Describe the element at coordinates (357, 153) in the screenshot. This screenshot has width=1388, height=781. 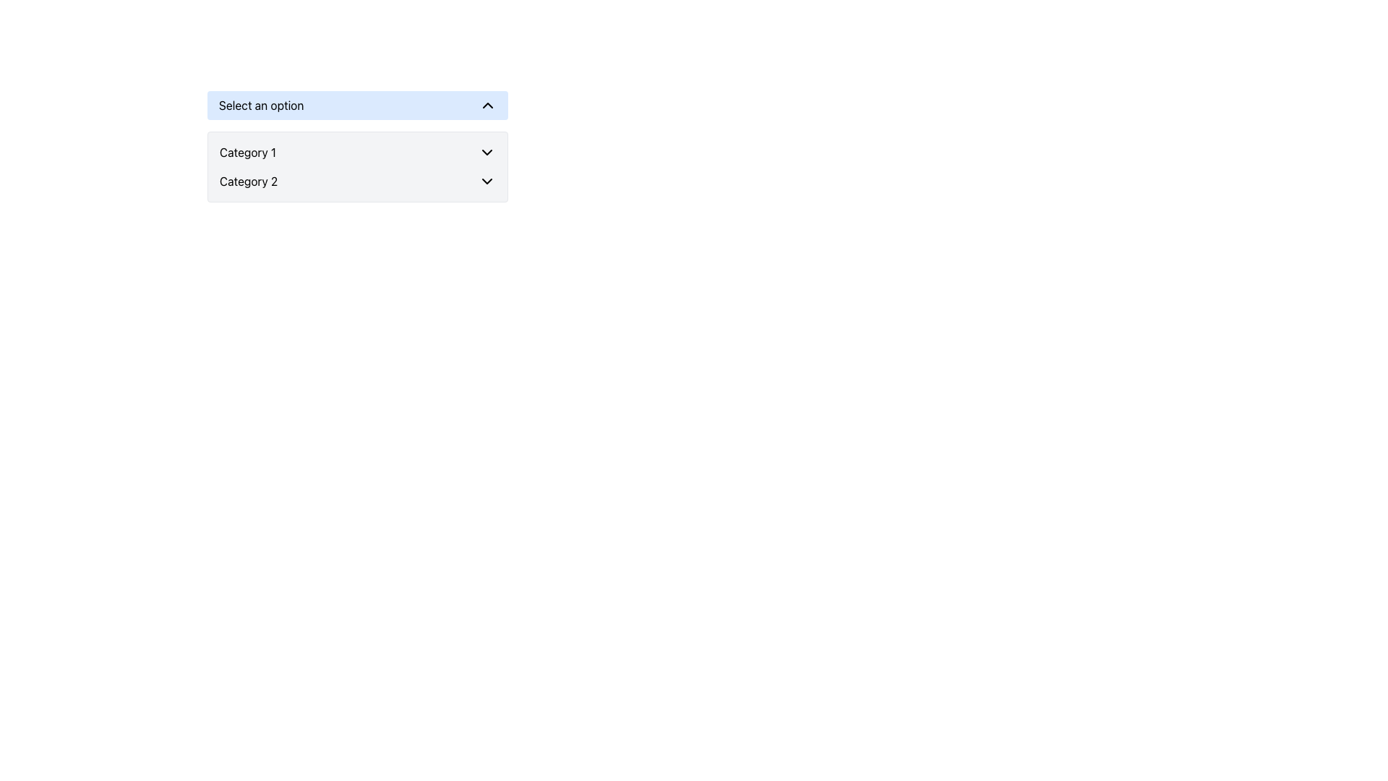
I see `the first entry in the dropdown options labeled 'Category 1'` at that location.